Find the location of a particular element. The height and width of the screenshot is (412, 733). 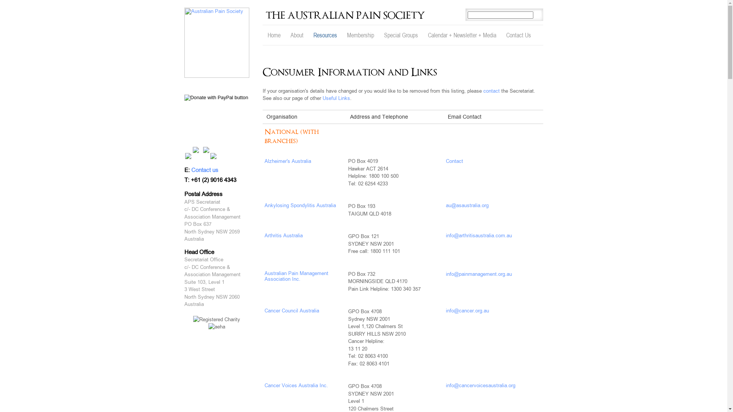

'Contact' is located at coordinates (454, 161).